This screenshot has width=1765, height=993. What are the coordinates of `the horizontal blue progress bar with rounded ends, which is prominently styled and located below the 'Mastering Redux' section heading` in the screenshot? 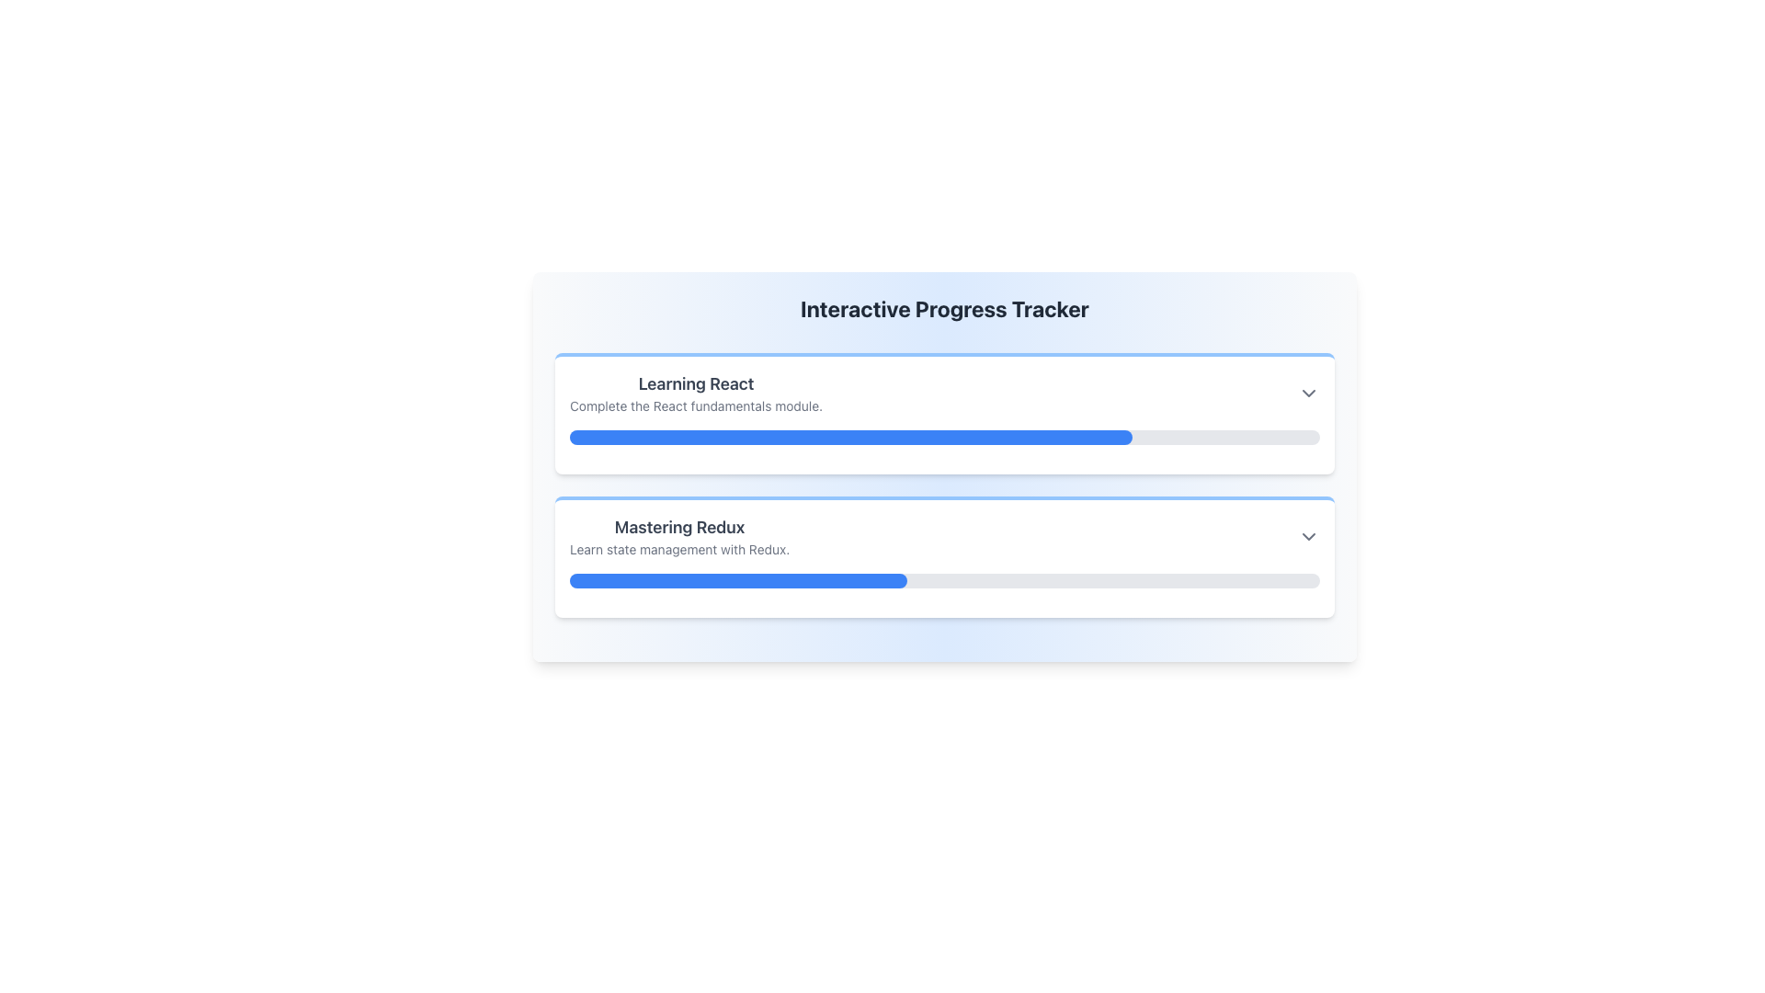 It's located at (738, 581).